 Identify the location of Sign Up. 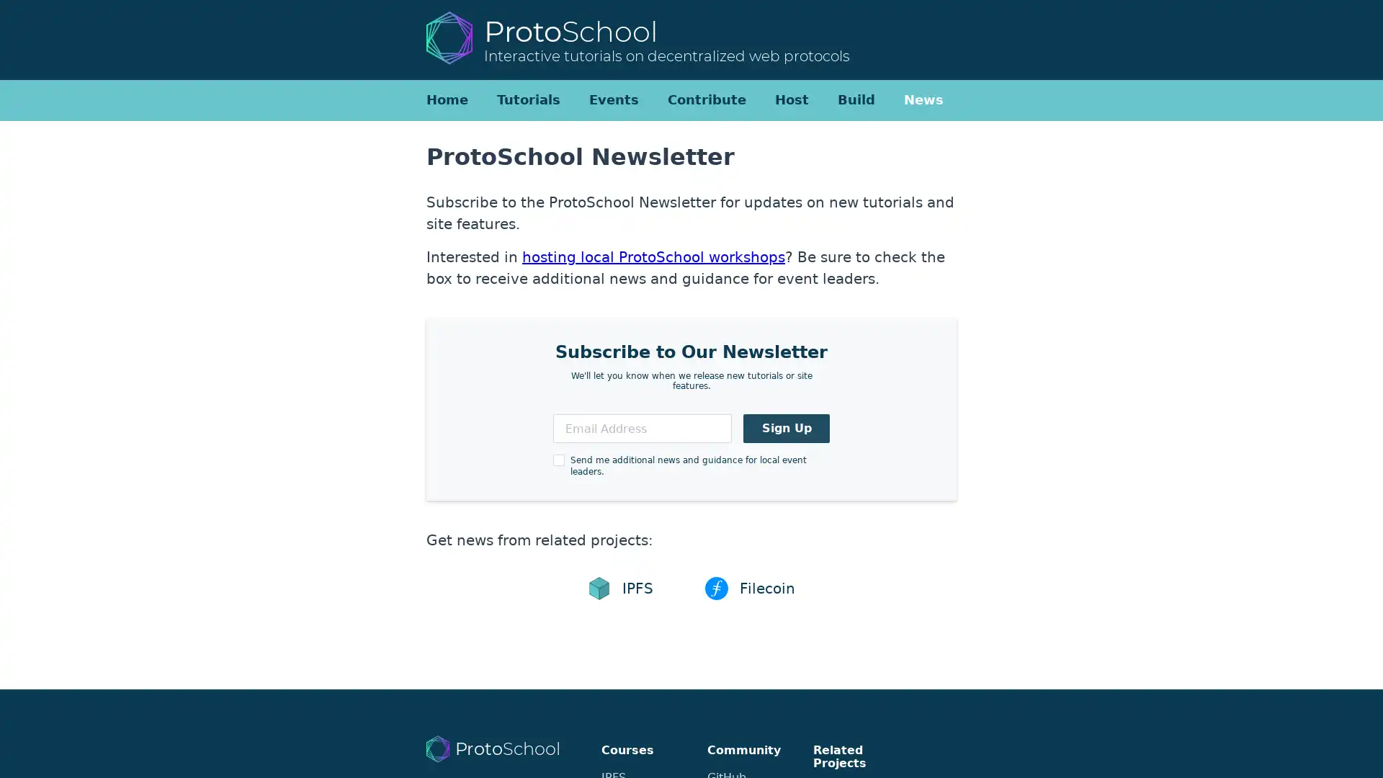
(785, 427).